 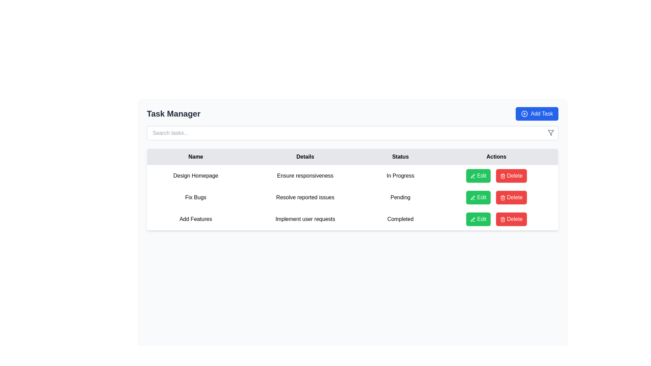 What do you see at coordinates (502, 198) in the screenshot?
I see `the small red trashbin icon within the 'Delete' button in the 'Actions' column of the task manager interface as a visual cue` at bounding box center [502, 198].